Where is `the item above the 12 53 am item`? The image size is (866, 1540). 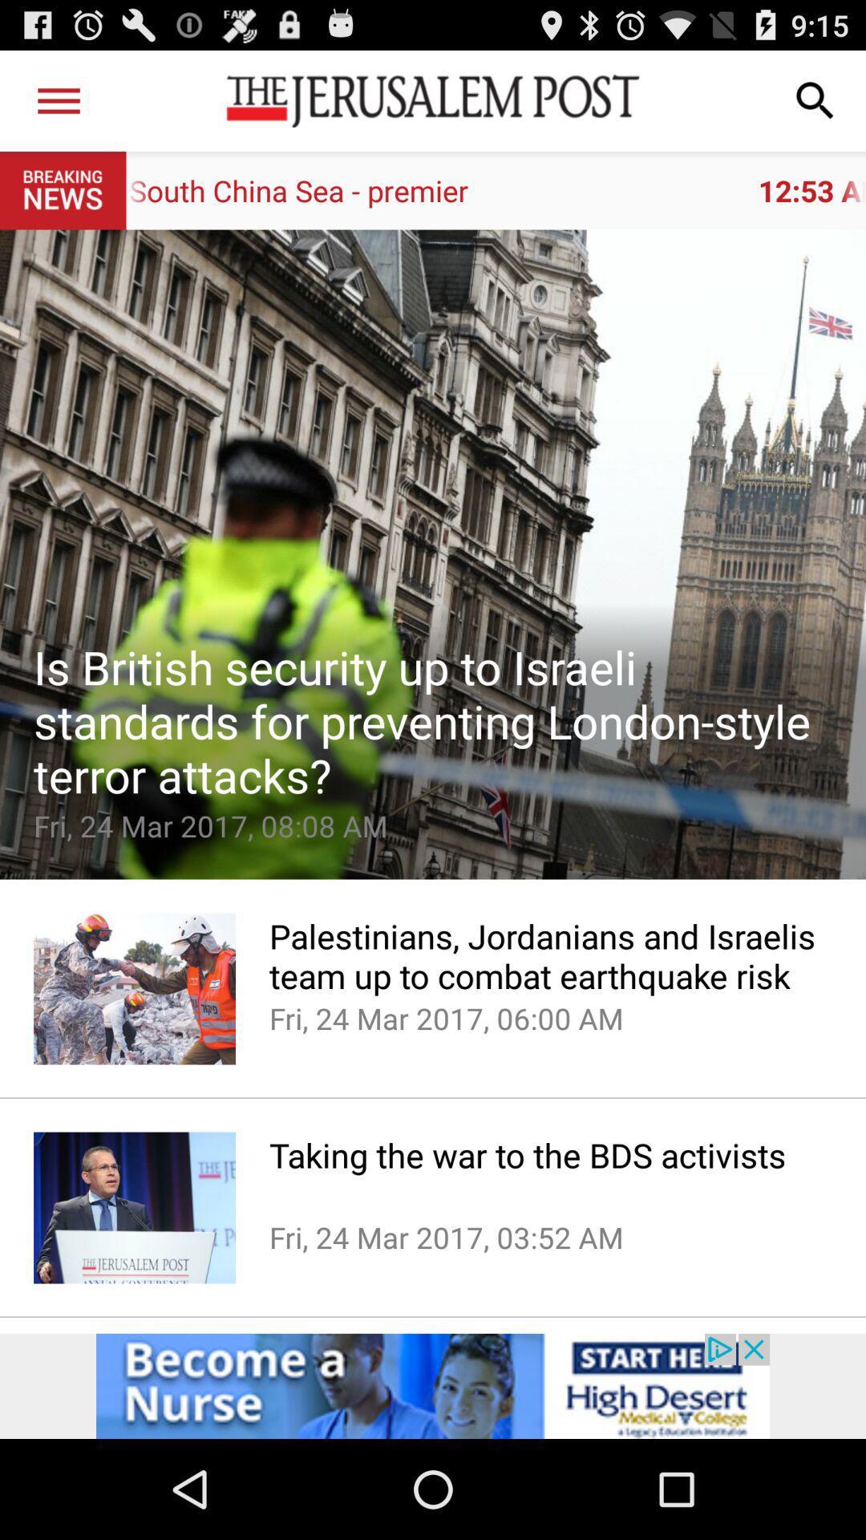 the item above the 12 53 am item is located at coordinates (58, 99).